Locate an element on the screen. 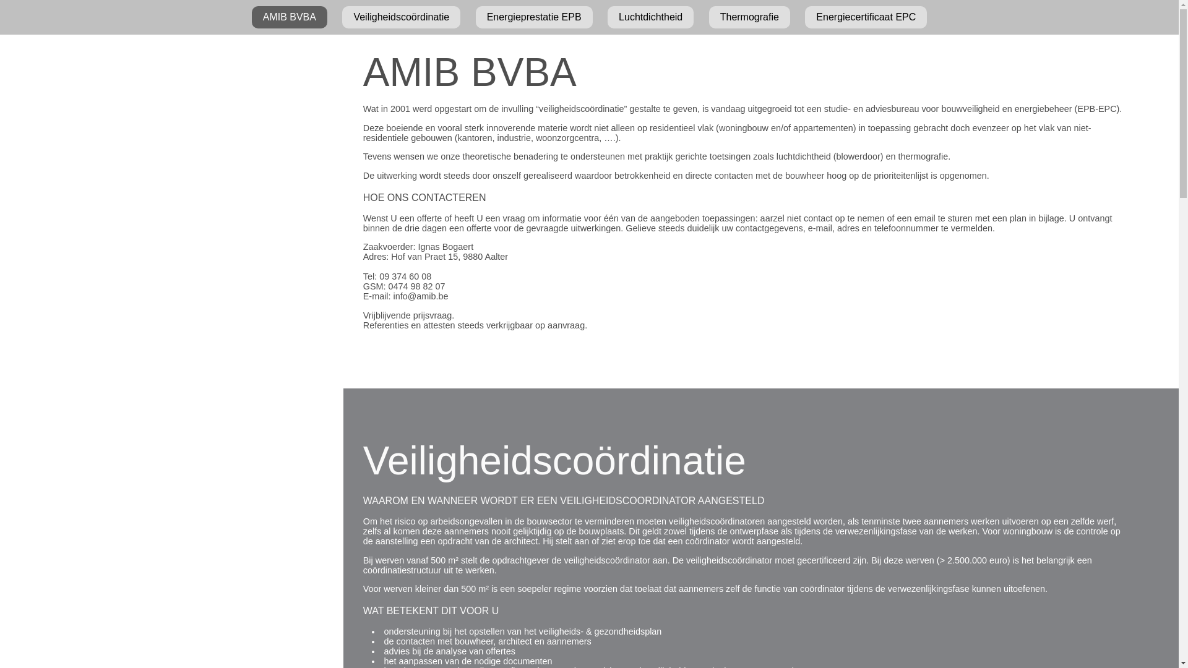  'Energiecertificaat EPC' is located at coordinates (865, 17).